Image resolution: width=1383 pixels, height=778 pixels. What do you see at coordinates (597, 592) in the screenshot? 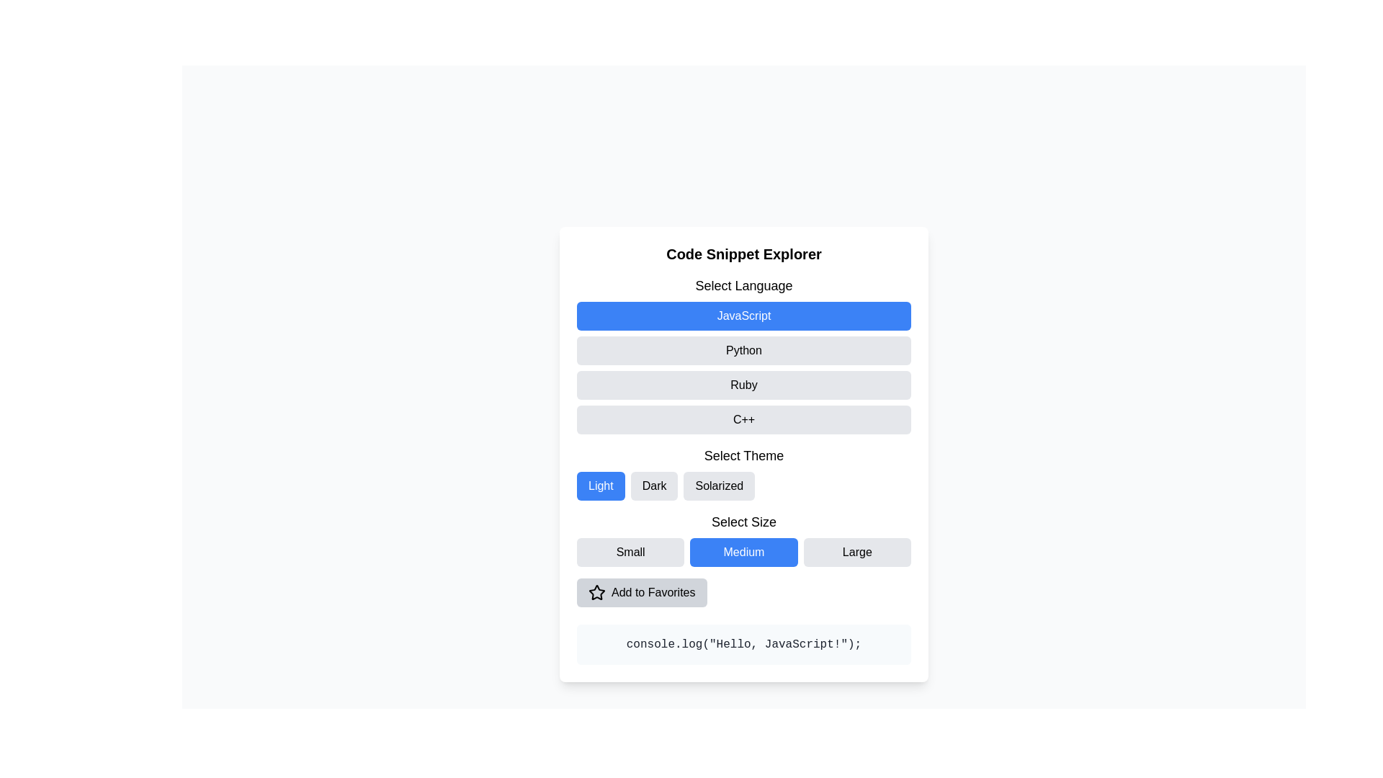
I see `the 'Add to Favorites' button which contains the star icon and the text, located at the bottom of the interface` at bounding box center [597, 592].